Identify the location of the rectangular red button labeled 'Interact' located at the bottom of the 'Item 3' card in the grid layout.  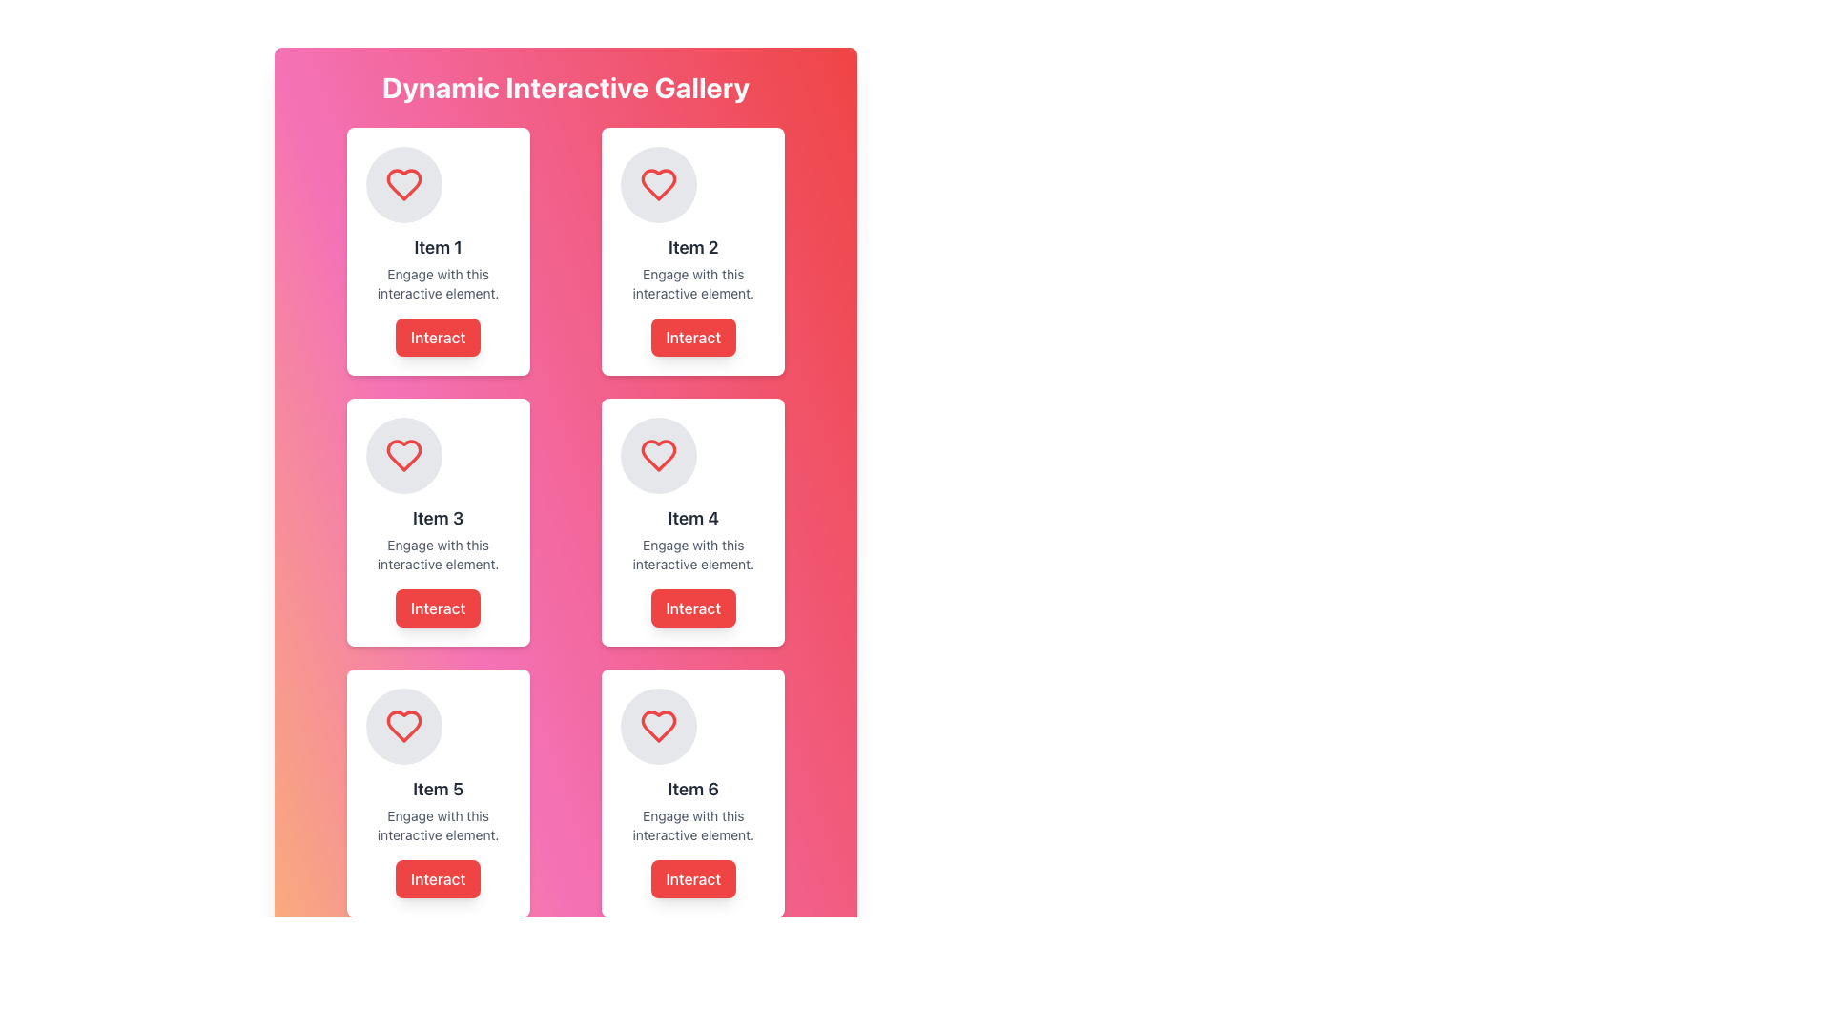
(437, 608).